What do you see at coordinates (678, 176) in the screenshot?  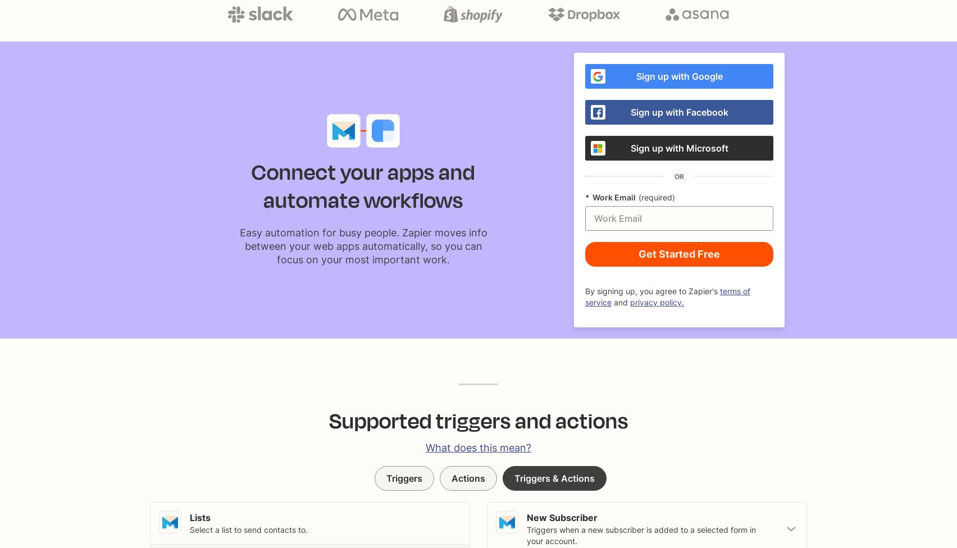 I see `'OR'` at bounding box center [678, 176].